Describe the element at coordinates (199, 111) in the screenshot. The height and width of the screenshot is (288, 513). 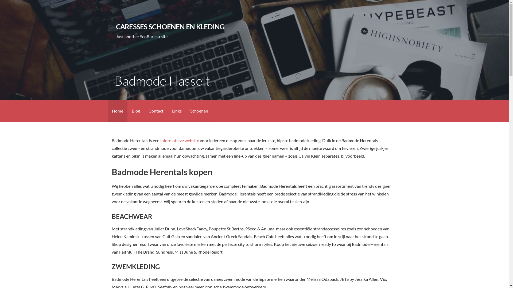
I see `'Schoenen'` at that location.